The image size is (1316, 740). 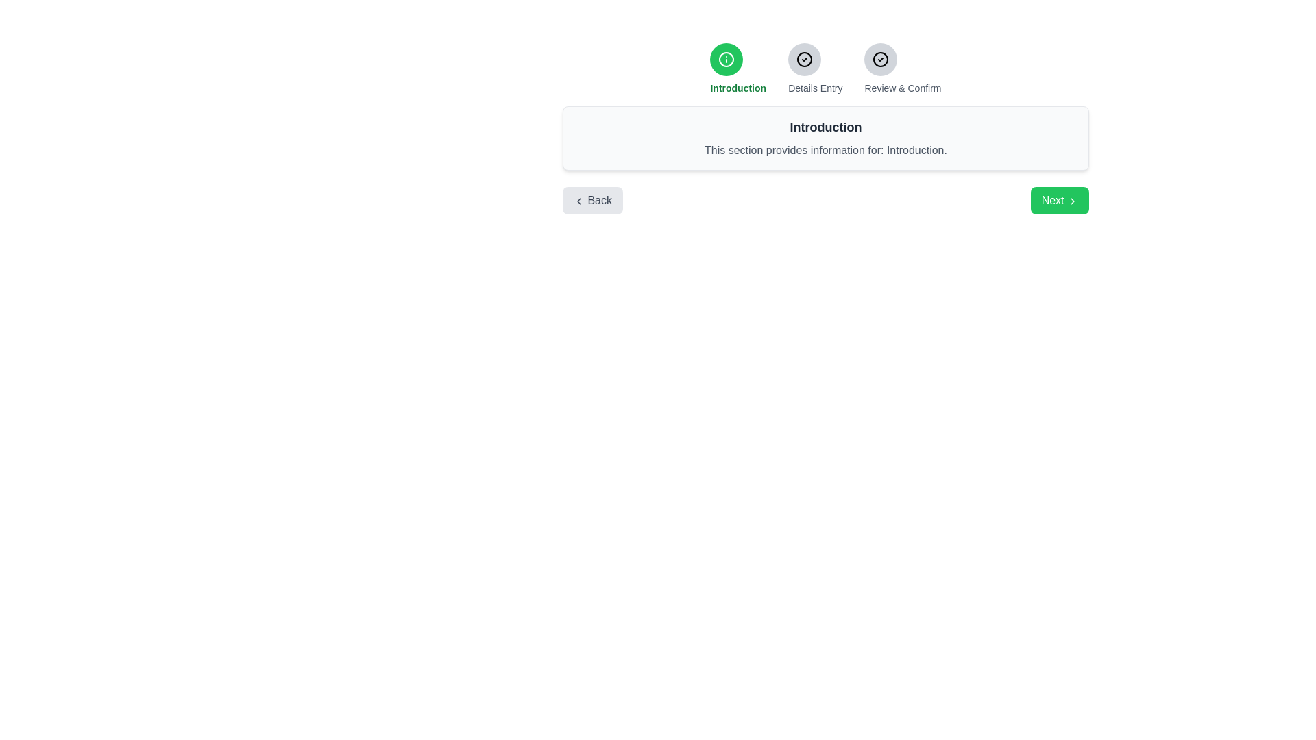 What do you see at coordinates (805, 59) in the screenshot?
I see `the Details Entry Icon to check for hover effects` at bounding box center [805, 59].